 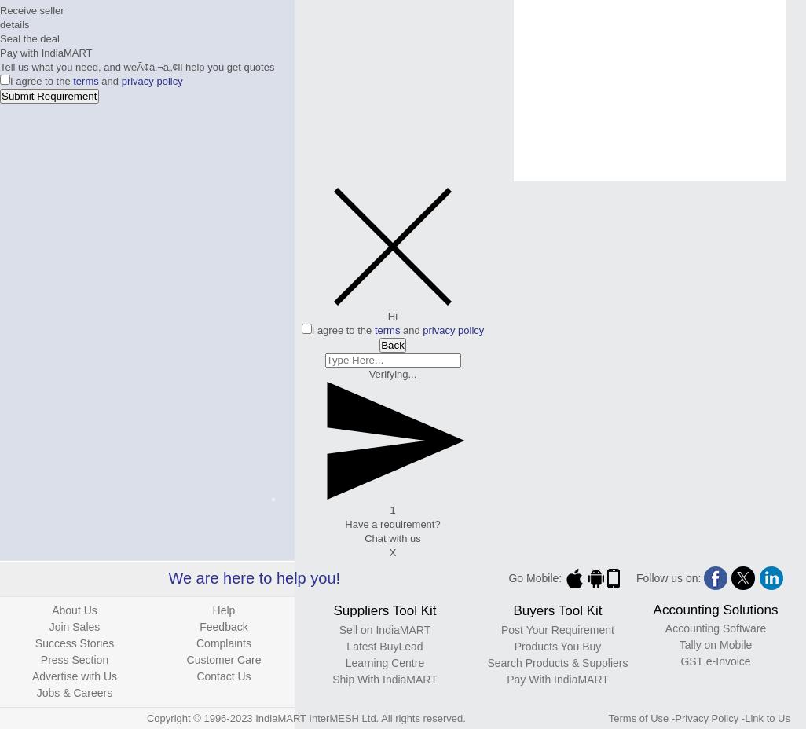 I want to click on 'Copyright © 1996-2023 IndiaMART InterMESH Ltd. All rights reserved.', so click(x=304, y=718).